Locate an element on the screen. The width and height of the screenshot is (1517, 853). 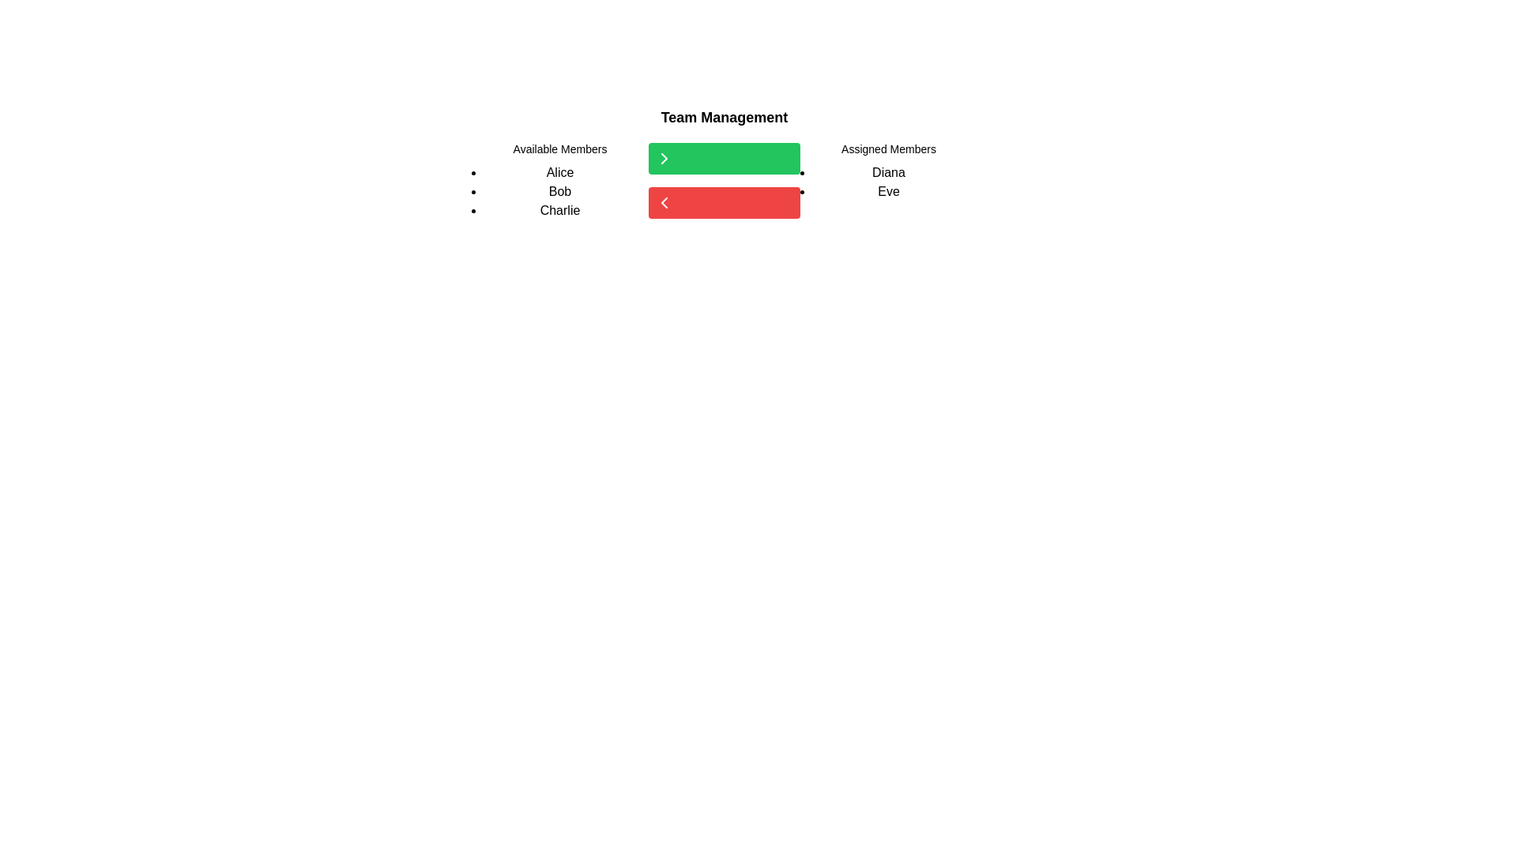
the second button with a red background and a white left-facing chevron icon is located at coordinates (723, 202).